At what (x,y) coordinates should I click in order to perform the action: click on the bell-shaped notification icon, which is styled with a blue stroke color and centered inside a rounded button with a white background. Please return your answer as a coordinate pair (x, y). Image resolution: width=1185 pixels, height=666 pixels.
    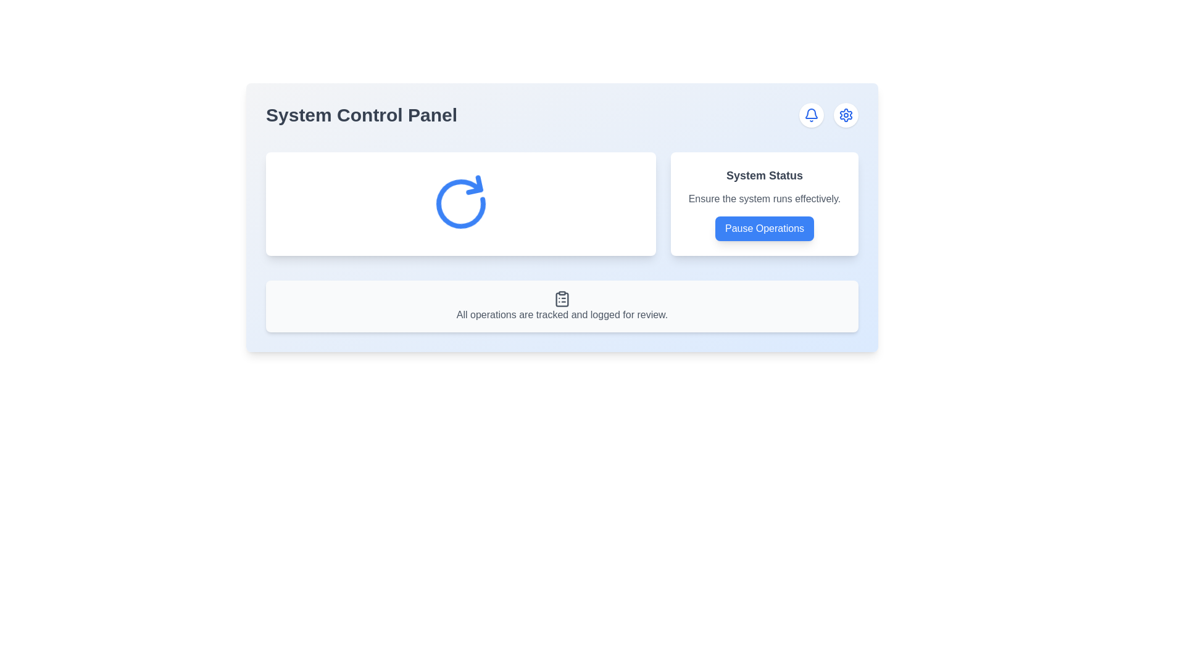
    Looking at the image, I should click on (812, 115).